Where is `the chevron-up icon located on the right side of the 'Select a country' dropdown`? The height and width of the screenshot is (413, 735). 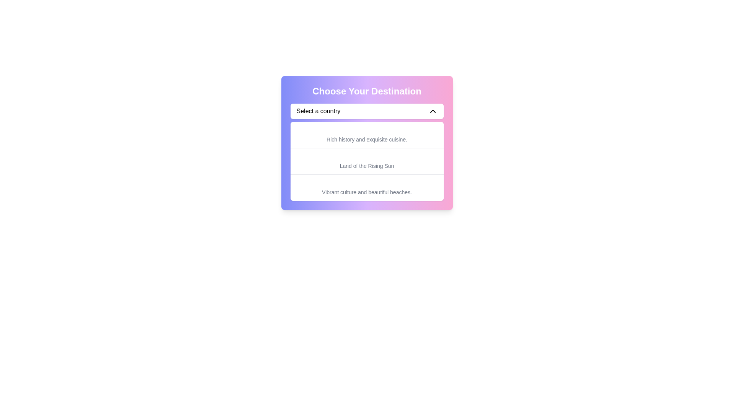
the chevron-up icon located on the right side of the 'Select a country' dropdown is located at coordinates (433, 111).